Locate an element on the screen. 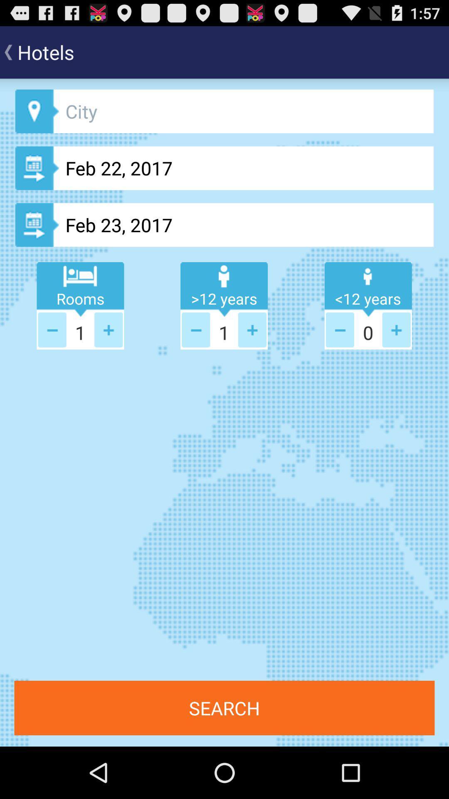 The image size is (449, 799). page is located at coordinates (52, 329).